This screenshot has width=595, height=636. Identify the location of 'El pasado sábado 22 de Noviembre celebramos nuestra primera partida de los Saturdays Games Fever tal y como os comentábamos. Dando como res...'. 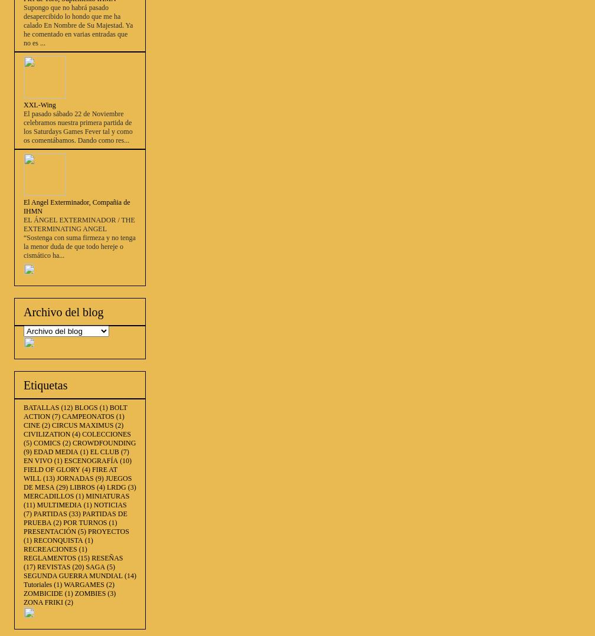
(78, 127).